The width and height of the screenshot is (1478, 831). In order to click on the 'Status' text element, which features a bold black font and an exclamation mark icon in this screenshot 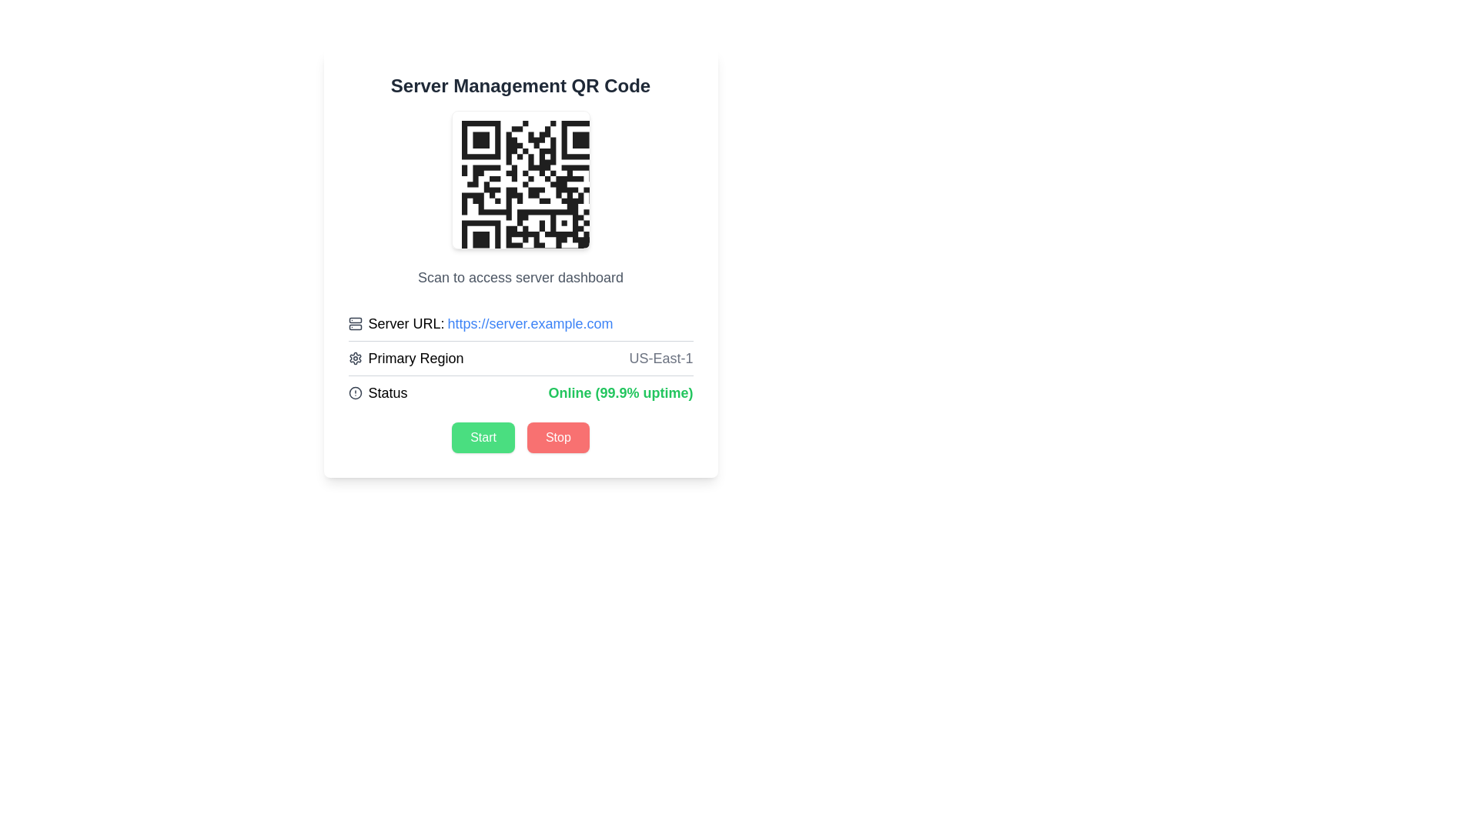, I will do `click(377, 392)`.